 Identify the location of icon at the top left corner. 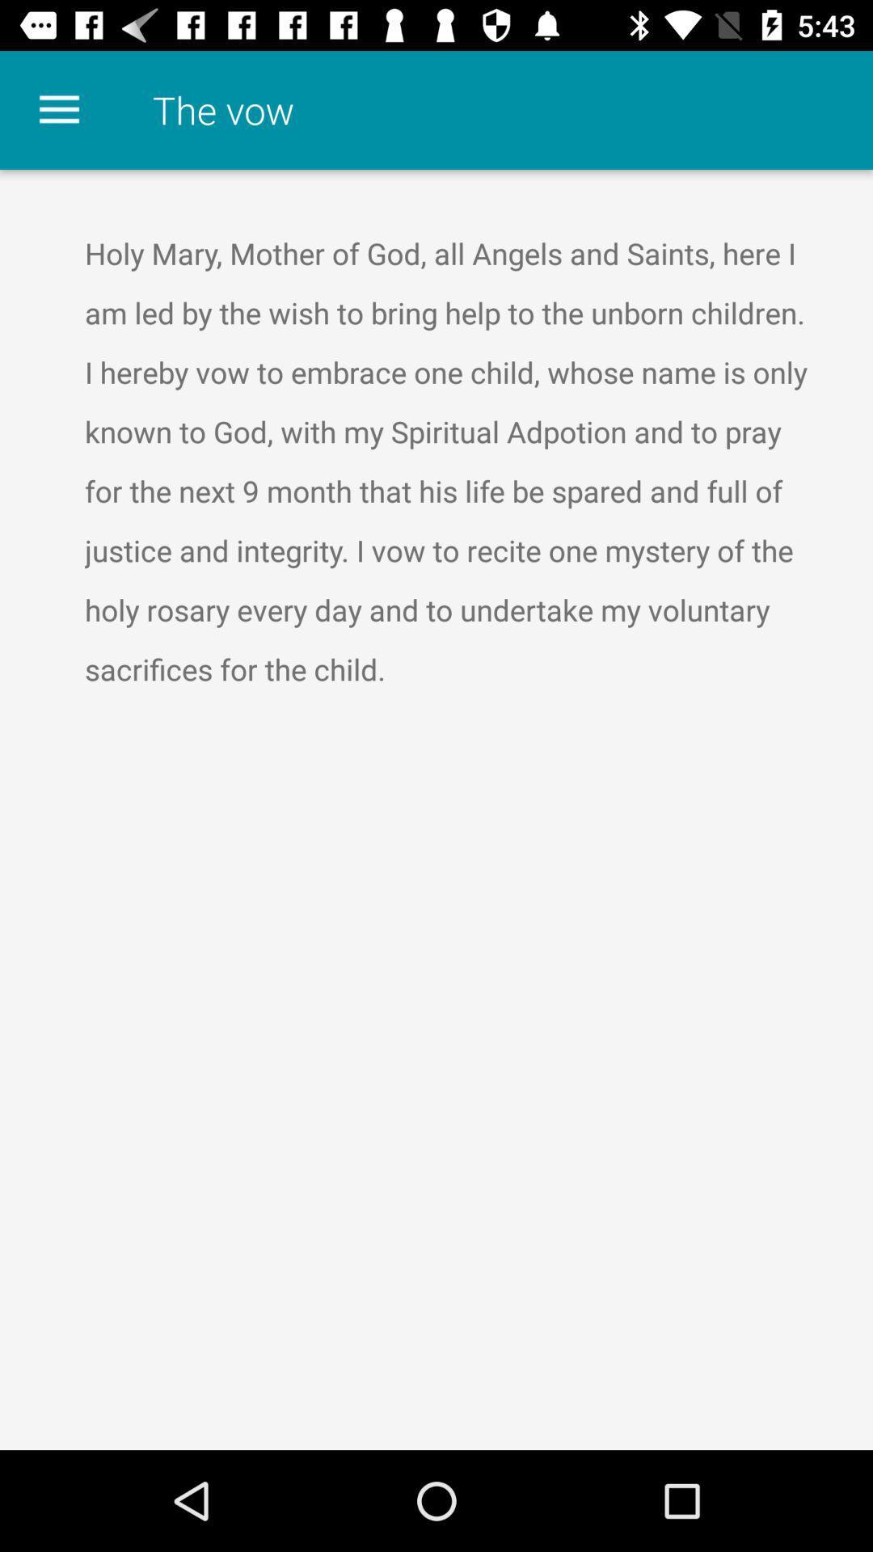
(58, 109).